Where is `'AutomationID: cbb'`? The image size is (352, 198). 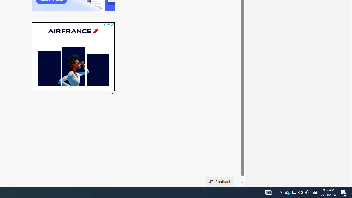 'AutomationID: cbb' is located at coordinates (112, 24).